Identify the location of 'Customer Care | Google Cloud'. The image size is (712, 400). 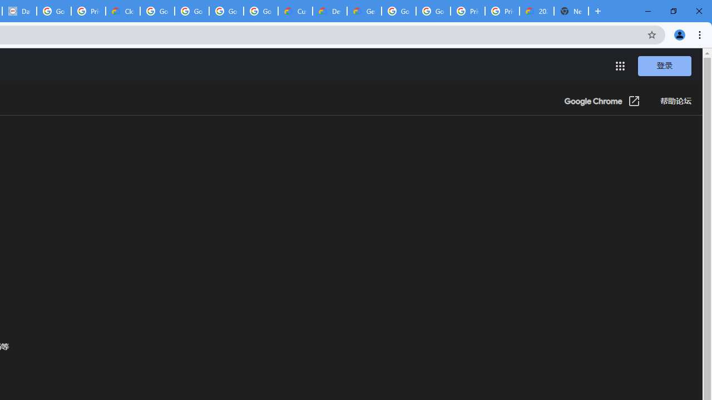
(295, 11).